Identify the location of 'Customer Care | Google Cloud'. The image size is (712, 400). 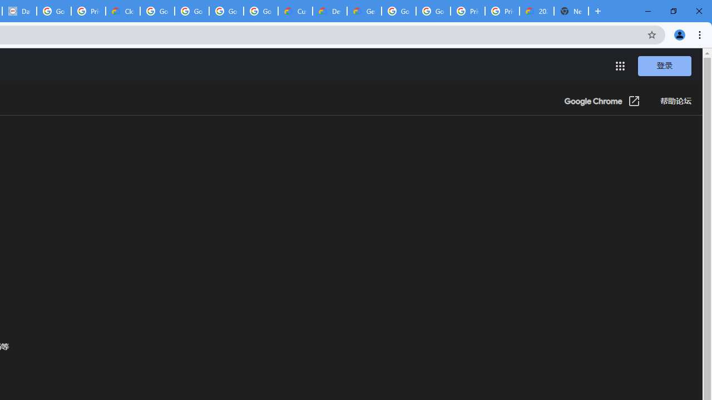
(295, 11).